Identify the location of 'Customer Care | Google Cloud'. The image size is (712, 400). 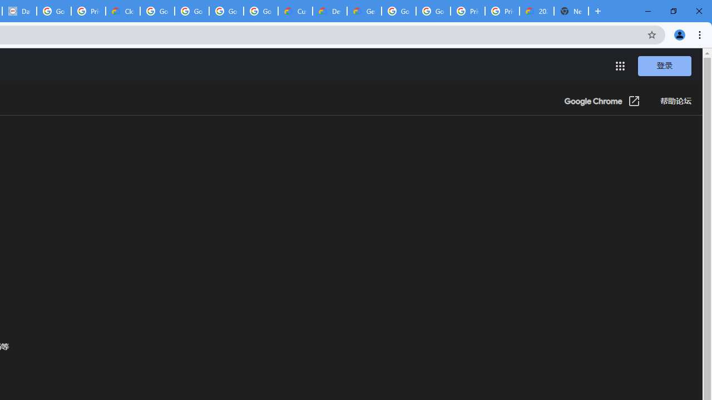
(295, 11).